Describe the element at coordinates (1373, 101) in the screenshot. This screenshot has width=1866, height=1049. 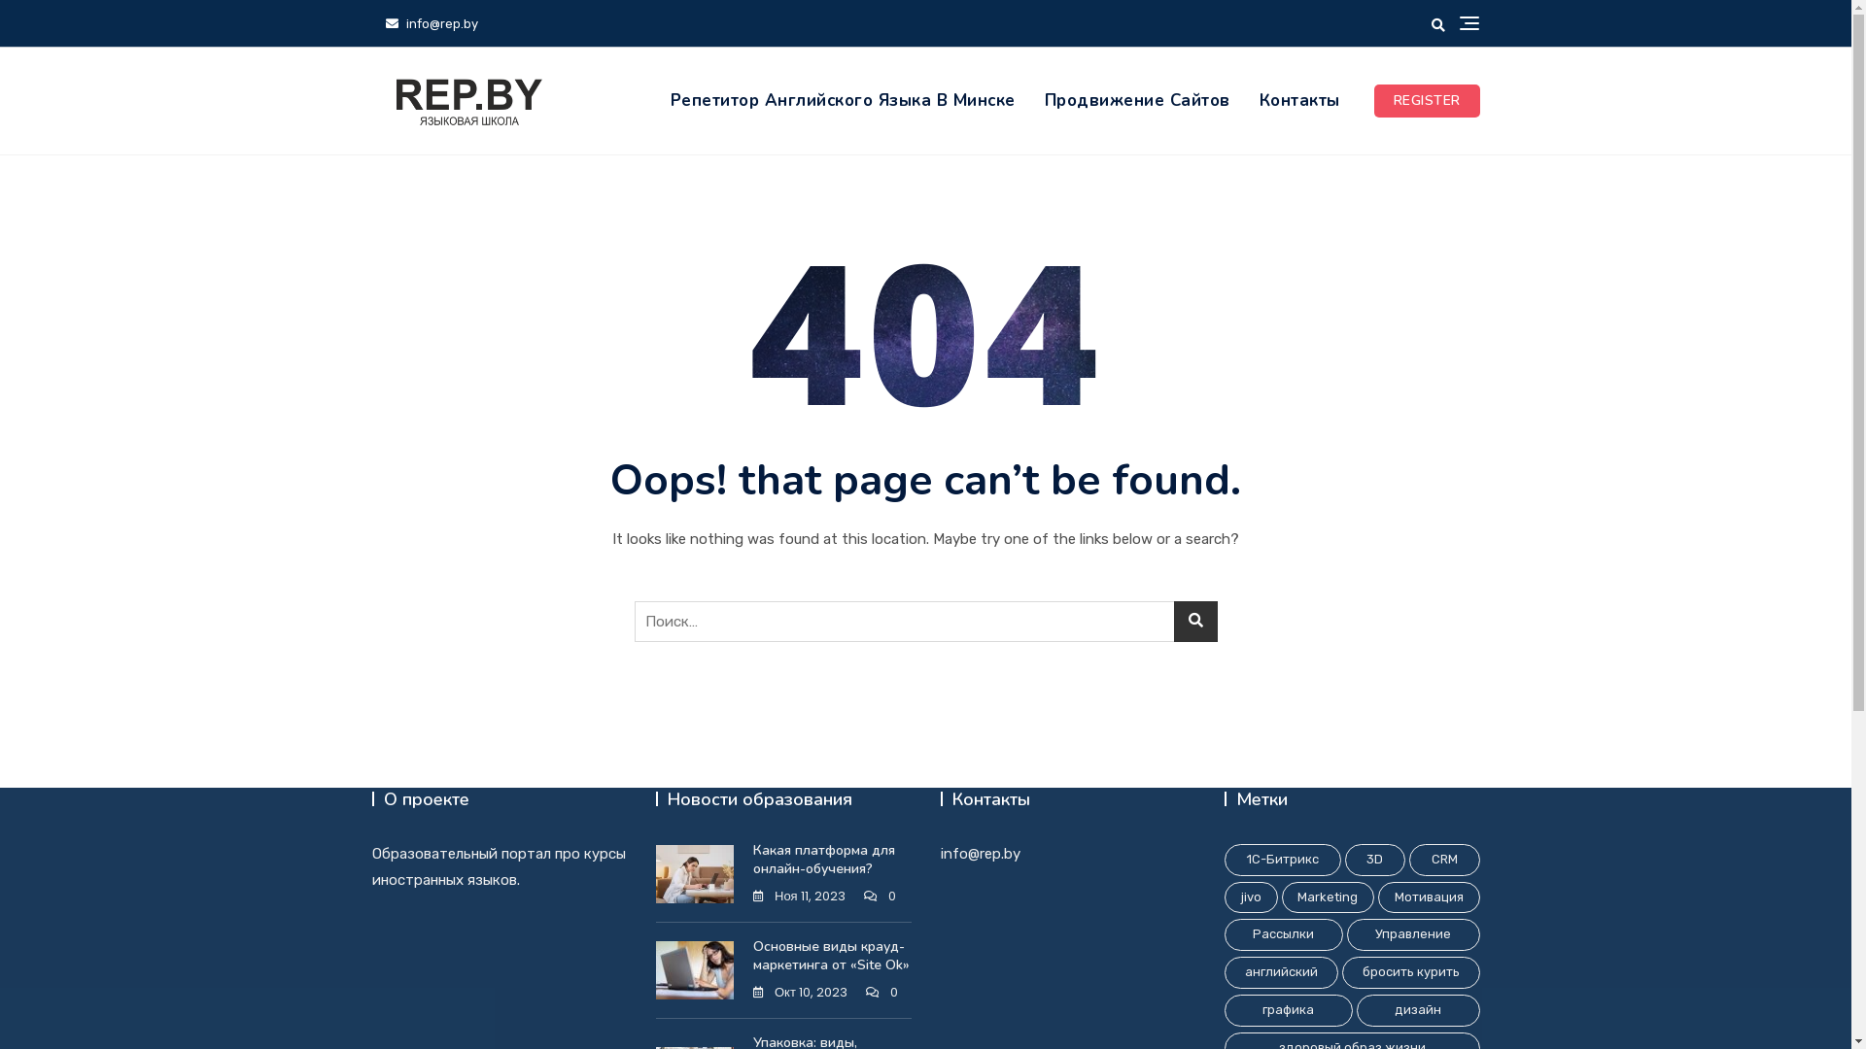
I see `'REGISTER'` at that location.